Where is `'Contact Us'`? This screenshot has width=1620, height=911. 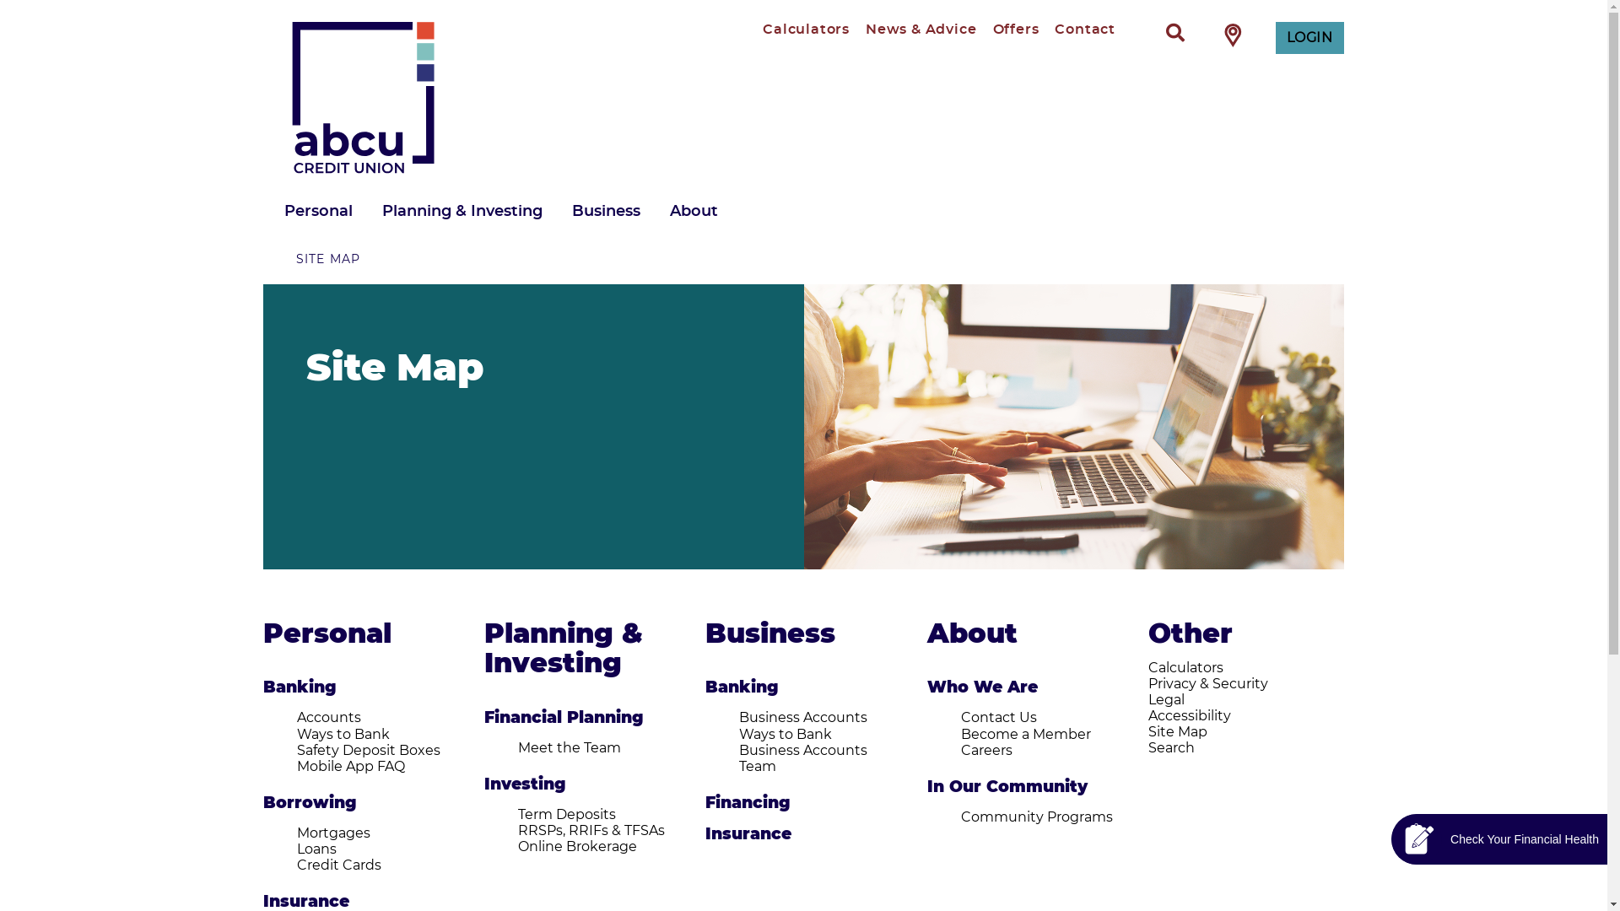 'Contact Us' is located at coordinates (999, 718).